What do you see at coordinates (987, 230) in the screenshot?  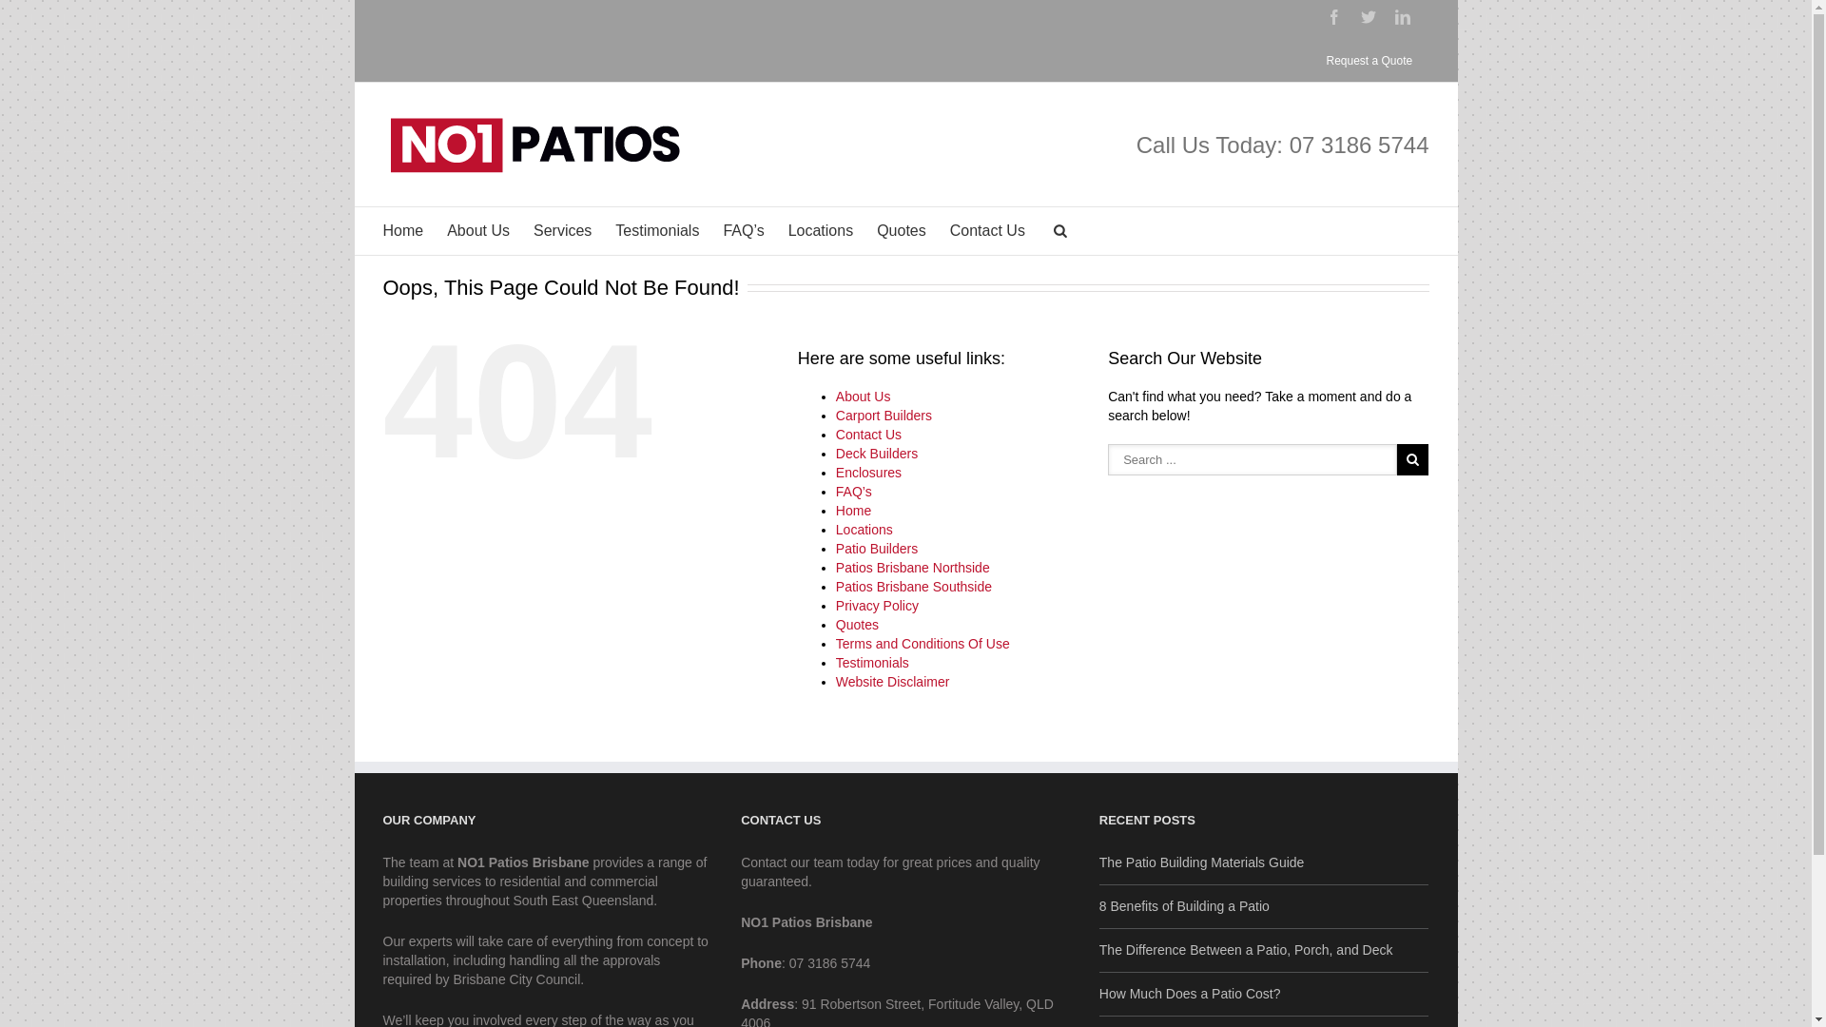 I see `'Contact Us'` at bounding box center [987, 230].